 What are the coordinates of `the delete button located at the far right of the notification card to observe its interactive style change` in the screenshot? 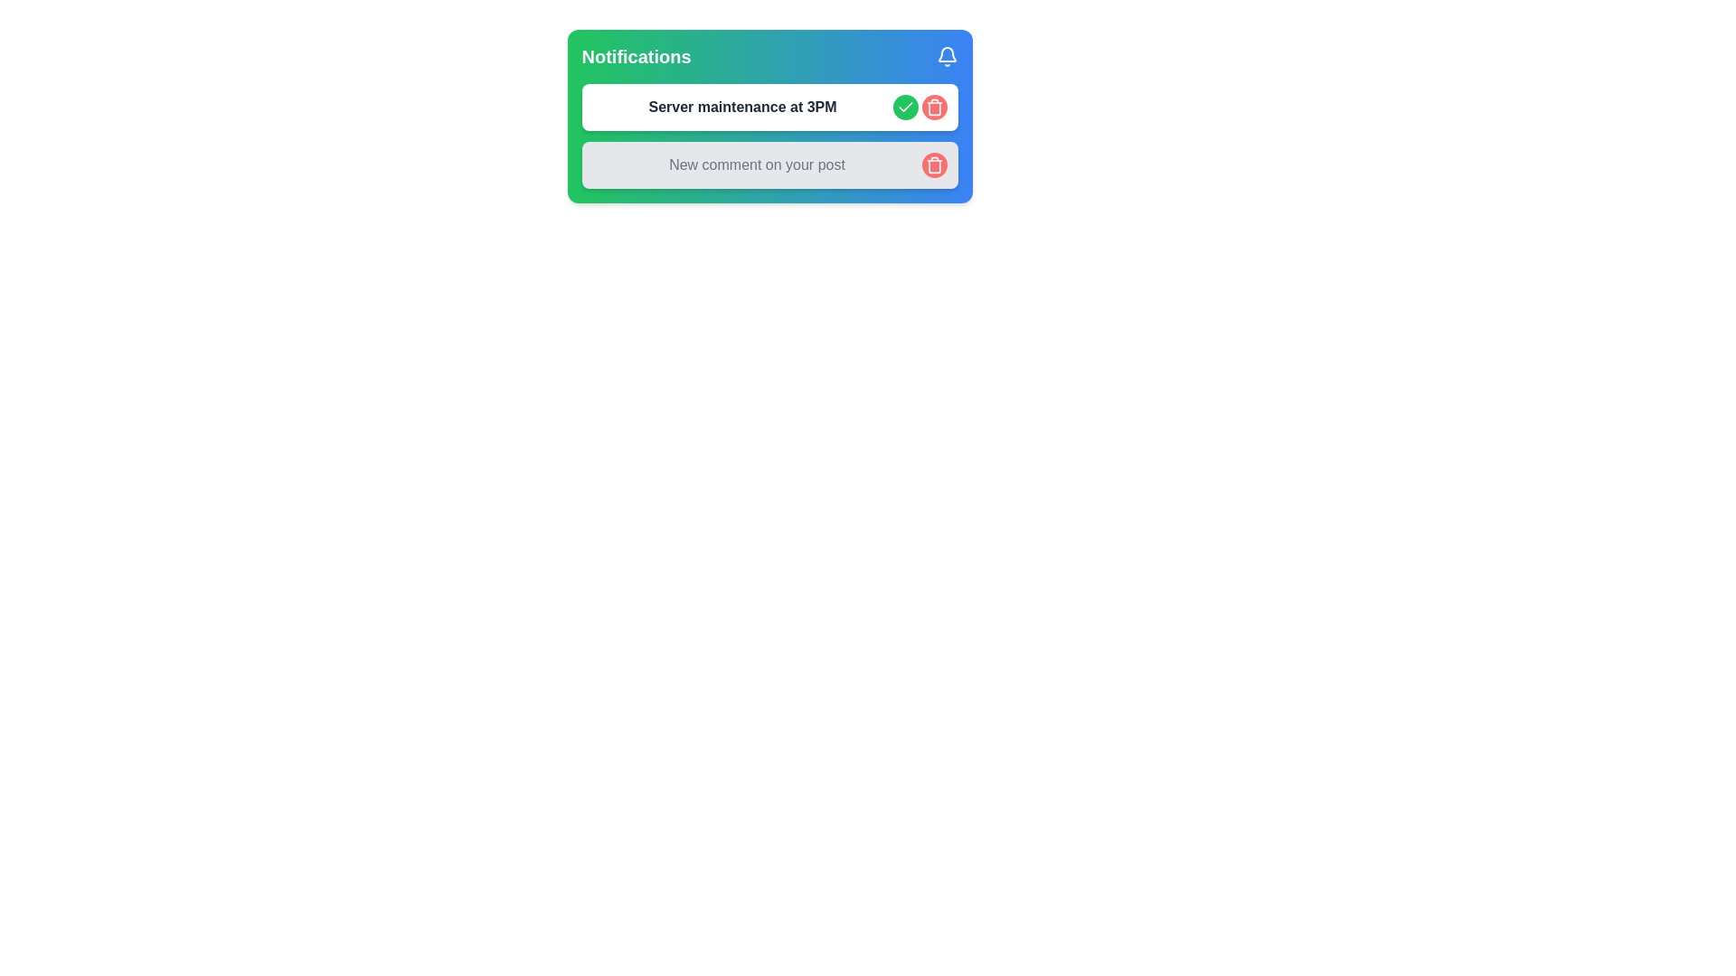 It's located at (934, 108).